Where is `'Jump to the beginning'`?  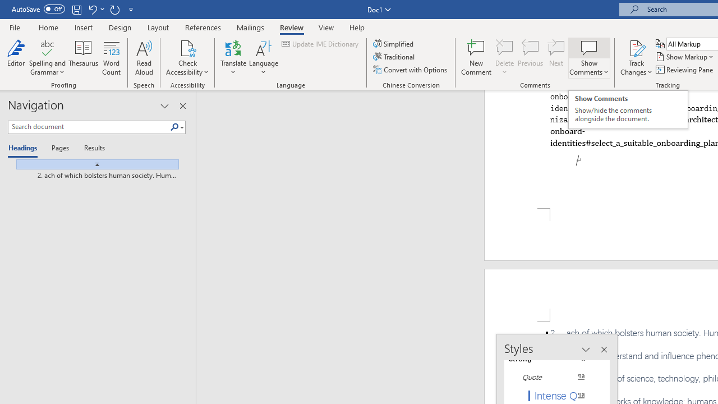 'Jump to the beginning' is located at coordinates (93, 164).